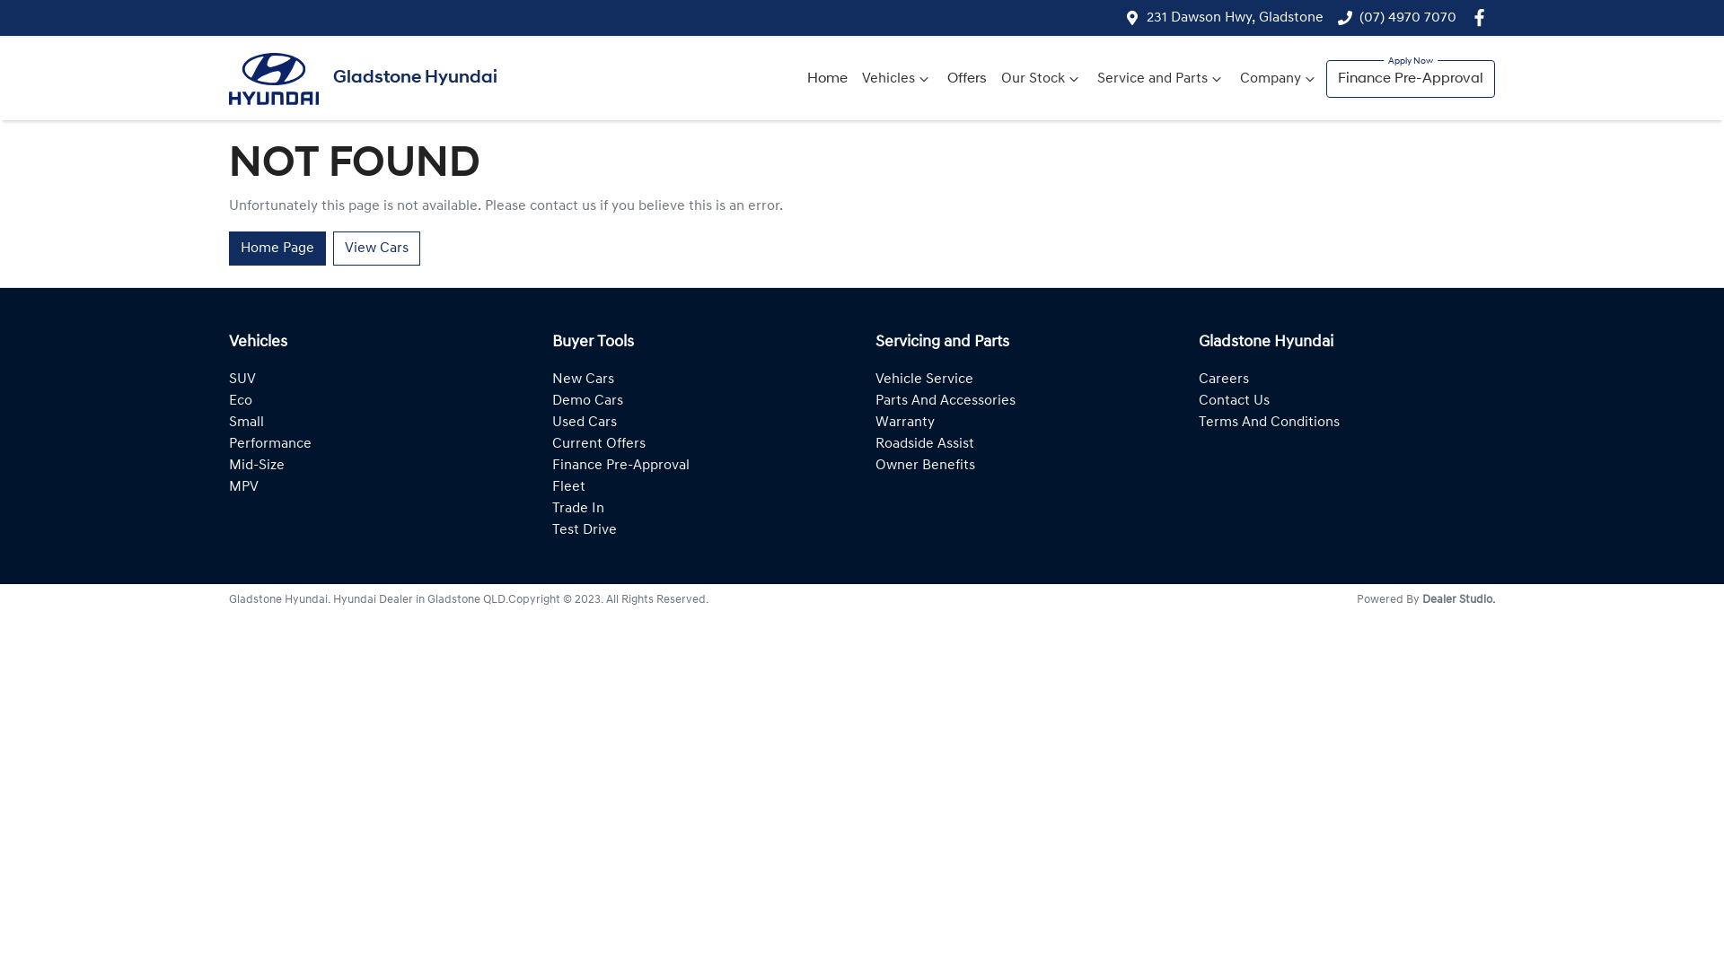 Image resolution: width=1724 pixels, height=969 pixels. What do you see at coordinates (585, 528) in the screenshot?
I see `'Test Drive'` at bounding box center [585, 528].